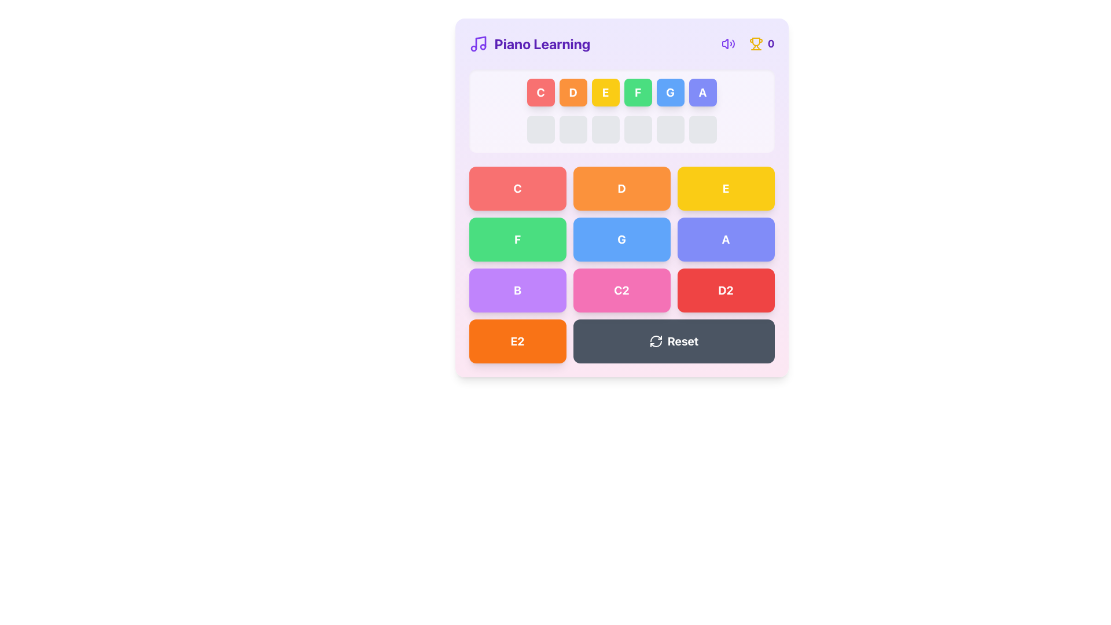 Image resolution: width=1111 pixels, height=625 pixels. What do you see at coordinates (670, 91) in the screenshot?
I see `the bold, white 'G' button on the blue rectangular button located in the top portion of the interface` at bounding box center [670, 91].